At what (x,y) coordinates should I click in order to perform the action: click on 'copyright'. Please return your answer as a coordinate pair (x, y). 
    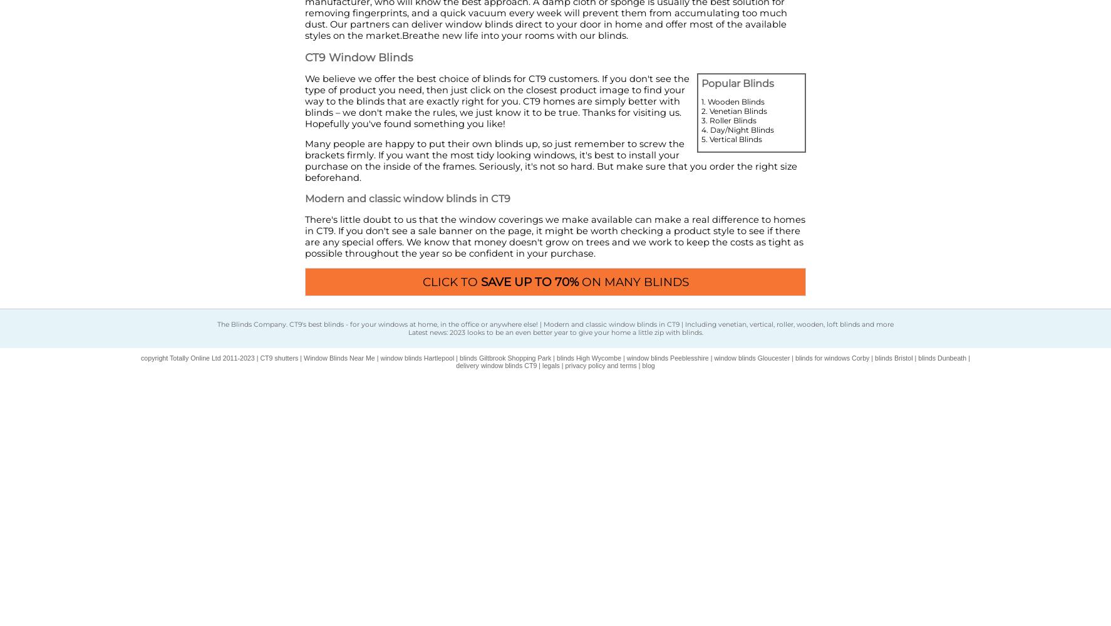
    Looking at the image, I should click on (155, 357).